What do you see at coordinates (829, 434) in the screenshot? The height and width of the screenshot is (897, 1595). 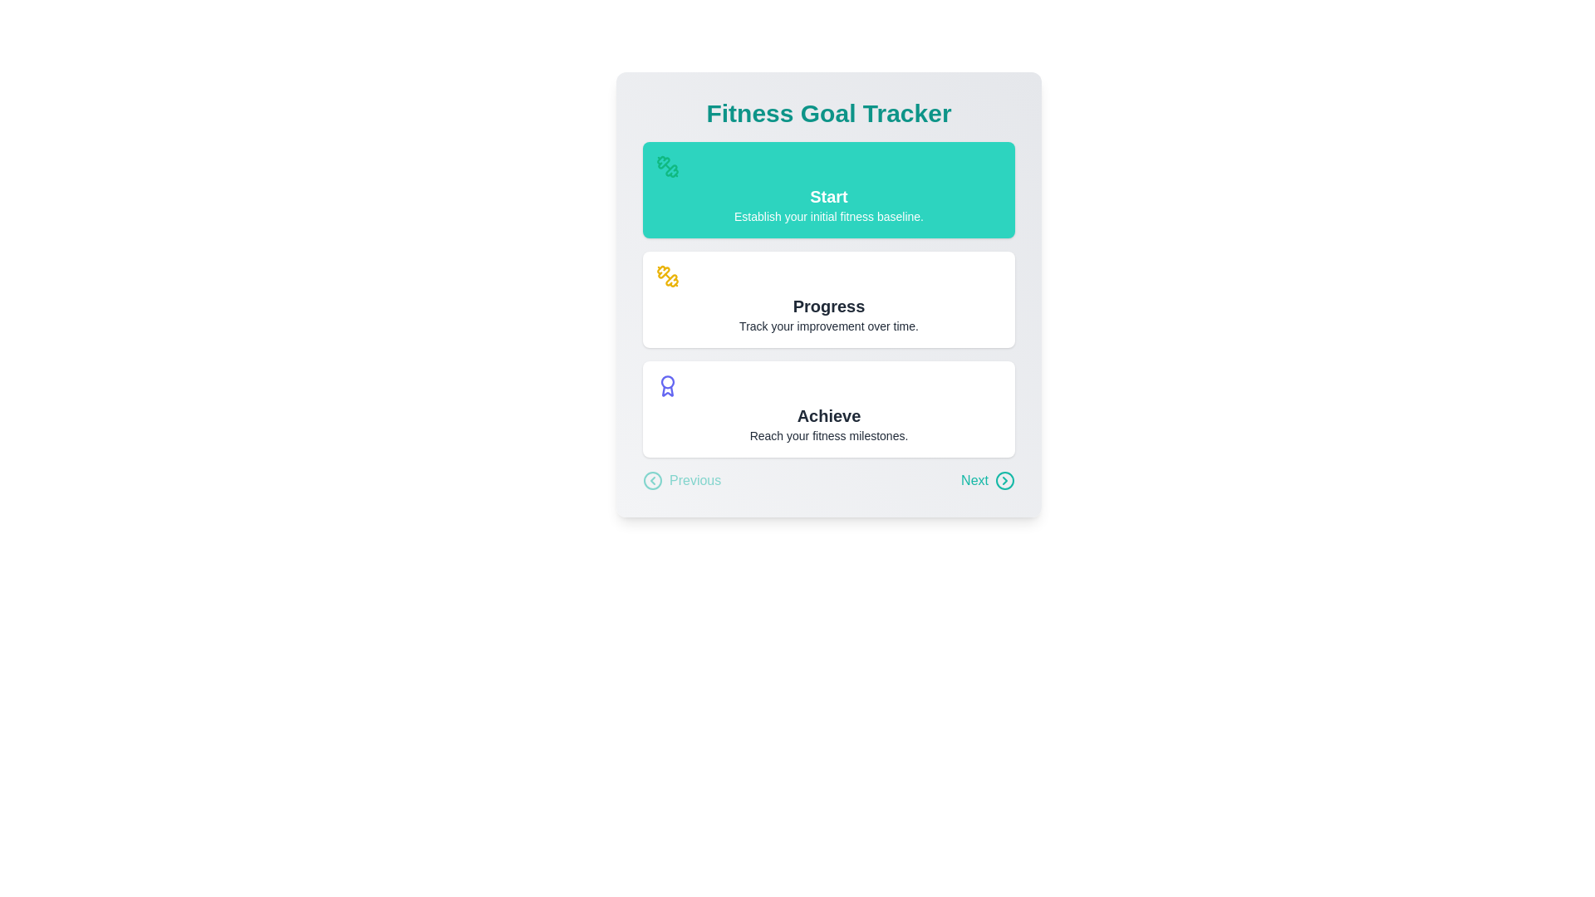 I see `the supplementary information text located at the bottom of the card panel beneath the 'Achieve' header` at bounding box center [829, 434].